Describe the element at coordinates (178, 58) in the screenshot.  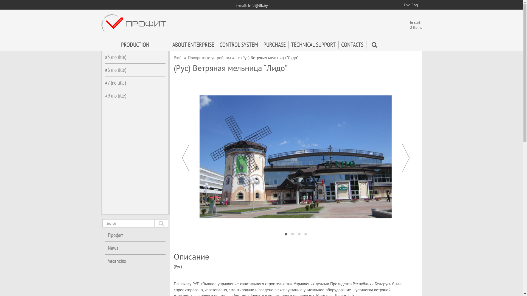
I see `'Profit'` at that location.